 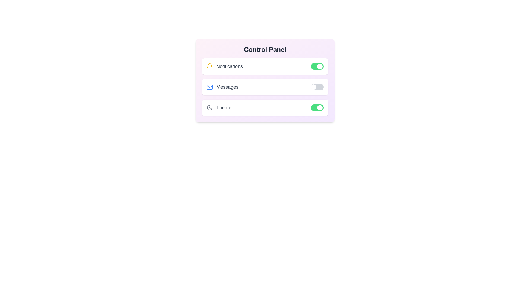 What do you see at coordinates (320, 108) in the screenshot?
I see `the small circular knob of the toggle switch located on the right side of the green toggle switch in the last row of the control panel labeled 'Theme'` at bounding box center [320, 108].